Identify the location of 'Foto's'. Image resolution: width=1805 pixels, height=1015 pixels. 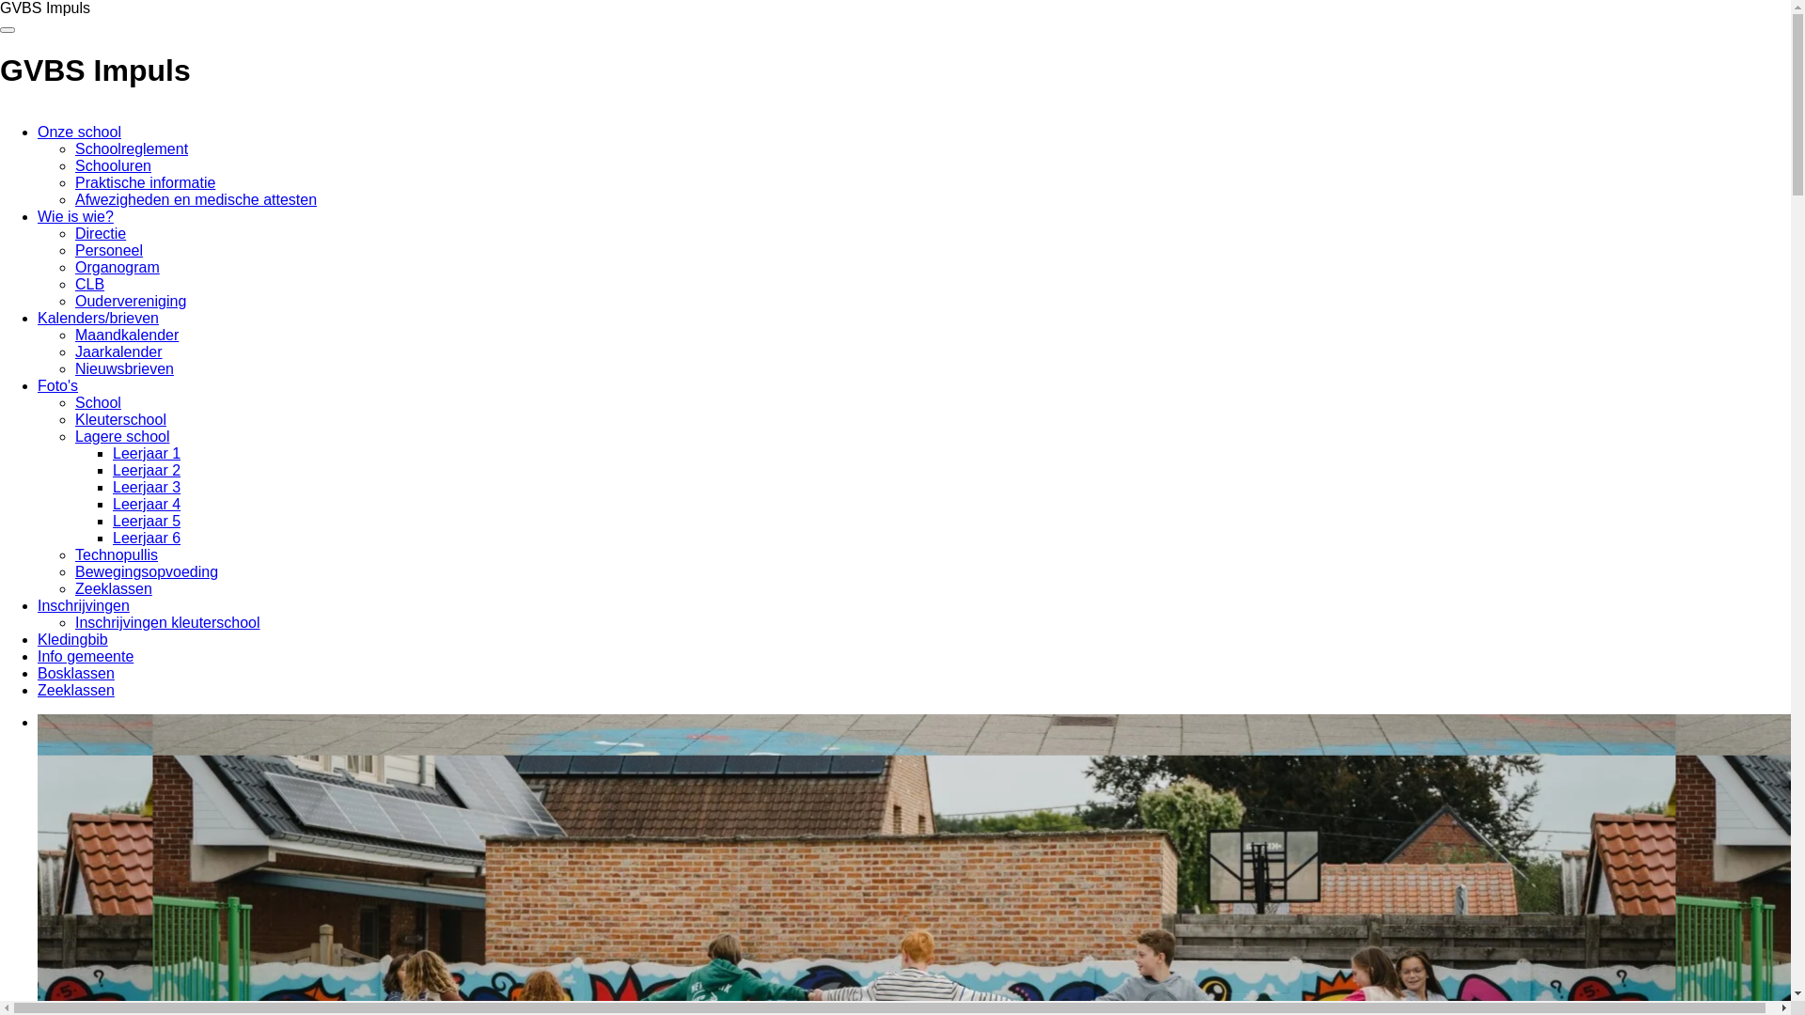
(57, 384).